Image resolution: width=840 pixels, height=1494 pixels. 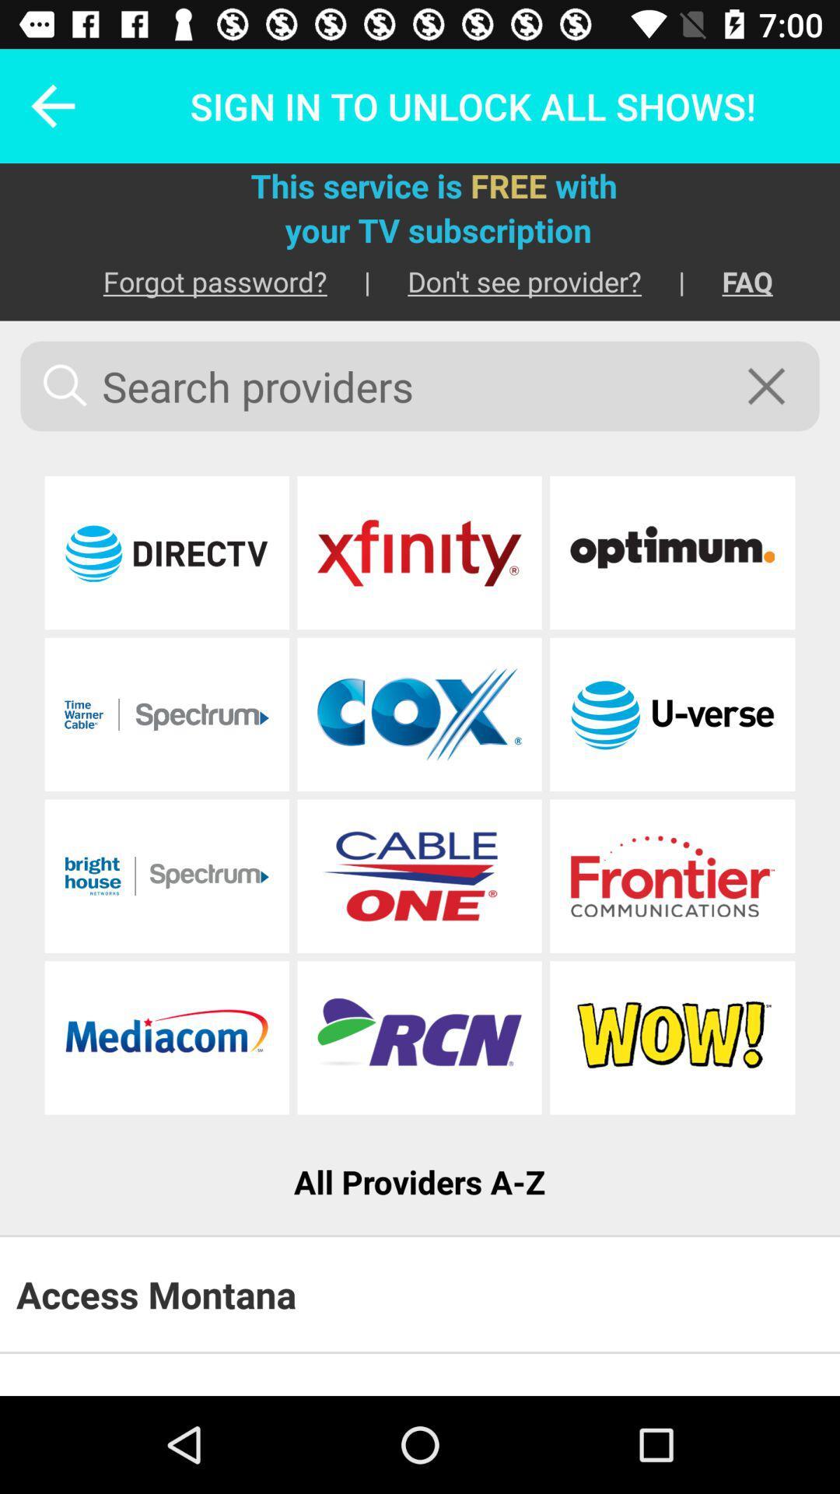 I want to click on icon below the faq, so click(x=776, y=386).